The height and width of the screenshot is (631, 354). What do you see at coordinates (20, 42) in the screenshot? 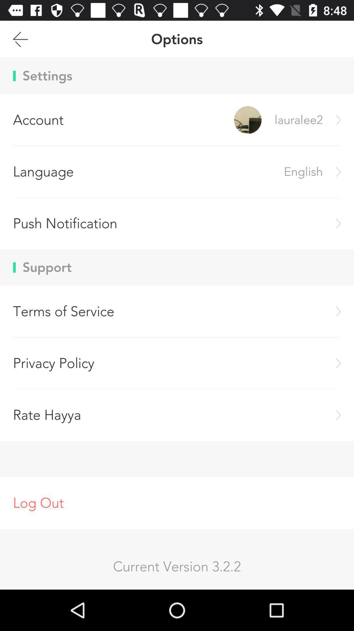
I see `the arrow_backward icon` at bounding box center [20, 42].